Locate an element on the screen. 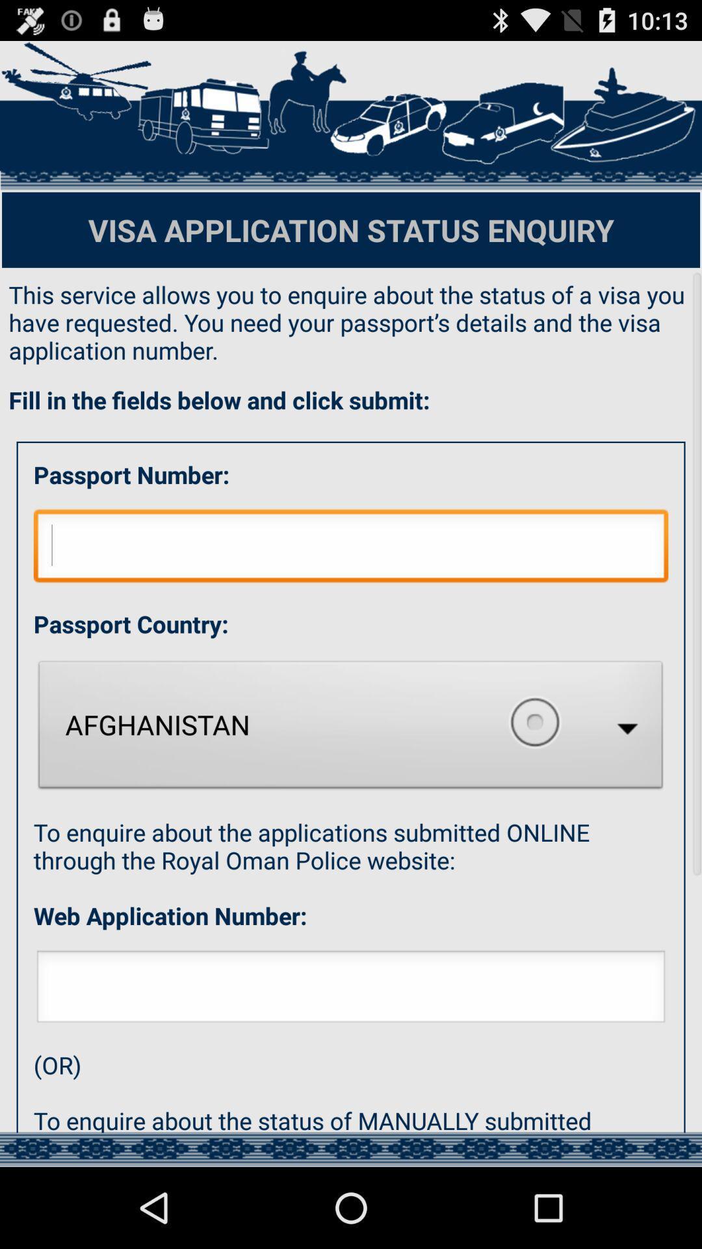 The height and width of the screenshot is (1249, 702). type web application number is located at coordinates (351, 989).